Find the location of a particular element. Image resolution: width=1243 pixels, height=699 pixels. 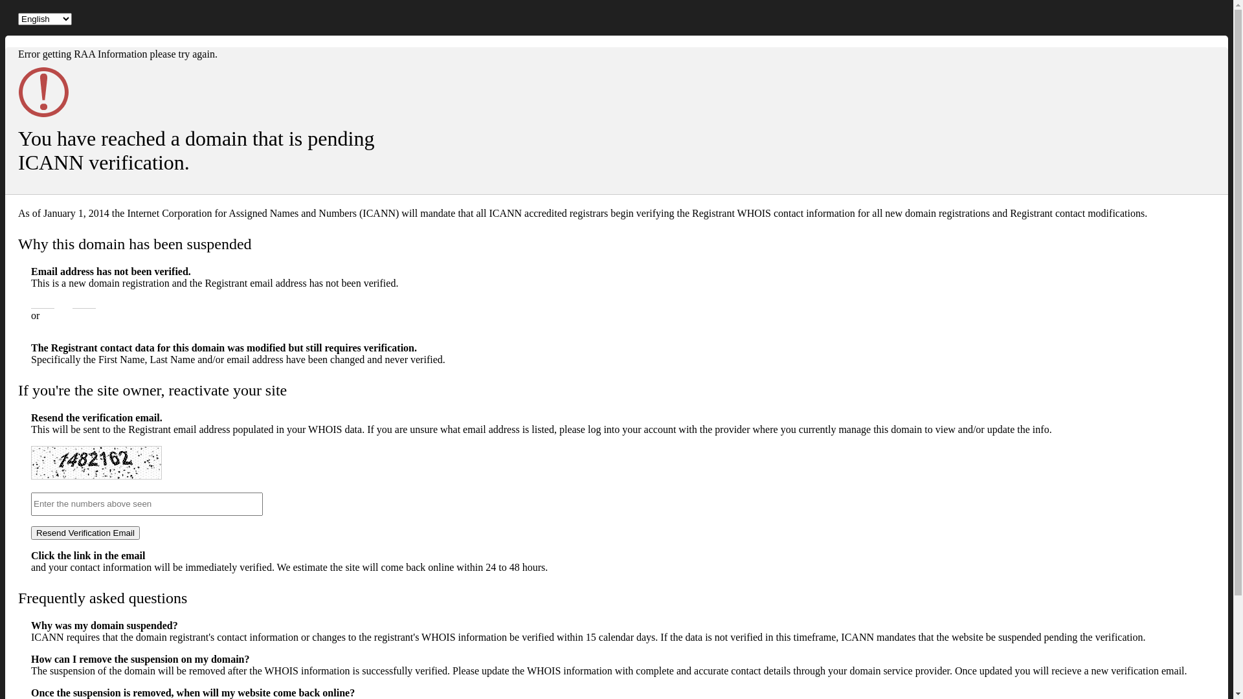

'Resend Verification Email' is located at coordinates (85, 533).